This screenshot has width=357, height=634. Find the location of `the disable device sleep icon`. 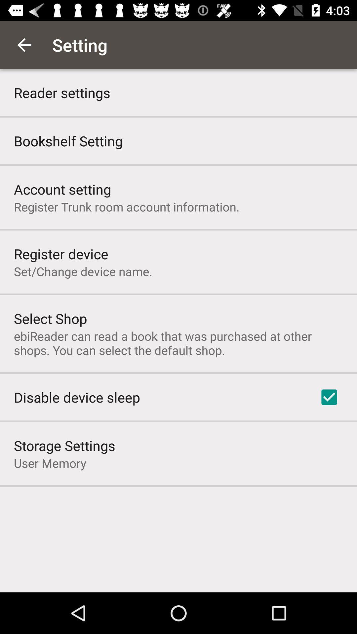

the disable device sleep icon is located at coordinates (76, 397).